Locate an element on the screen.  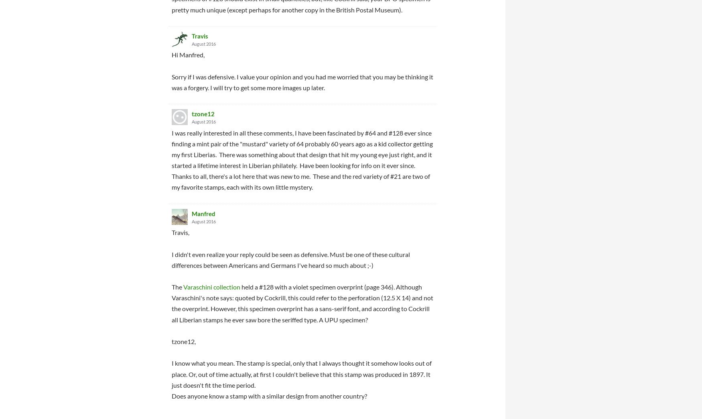
'Travis,' is located at coordinates (180, 232).